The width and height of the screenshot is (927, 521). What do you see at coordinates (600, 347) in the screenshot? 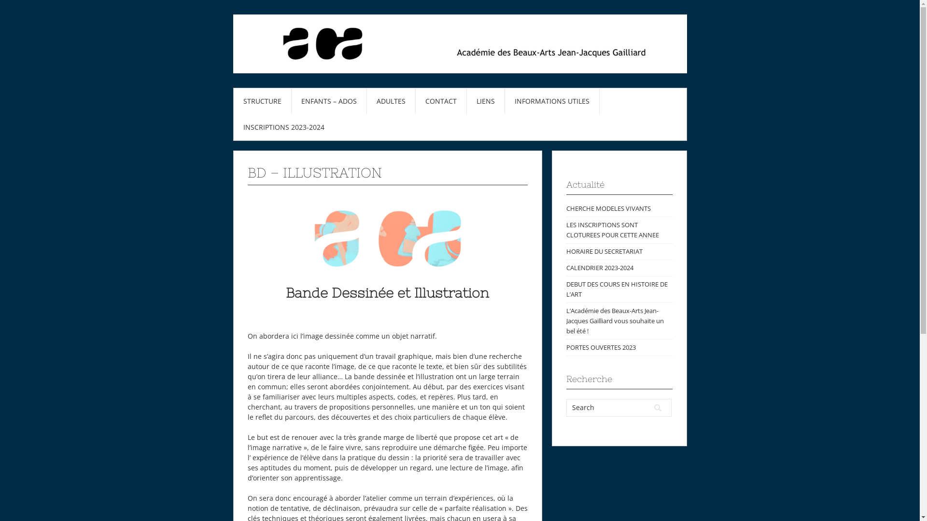
I see `'PORTES OUVERTES 2023'` at bounding box center [600, 347].